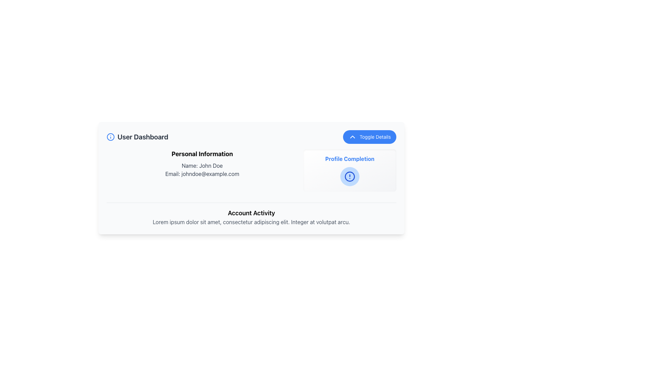 The image size is (656, 369). I want to click on the 'Information Panel' in the 'User Dashboard' that displays user details such as 'Name: John Doe' and 'Email: johndoe@example.com', so click(251, 187).